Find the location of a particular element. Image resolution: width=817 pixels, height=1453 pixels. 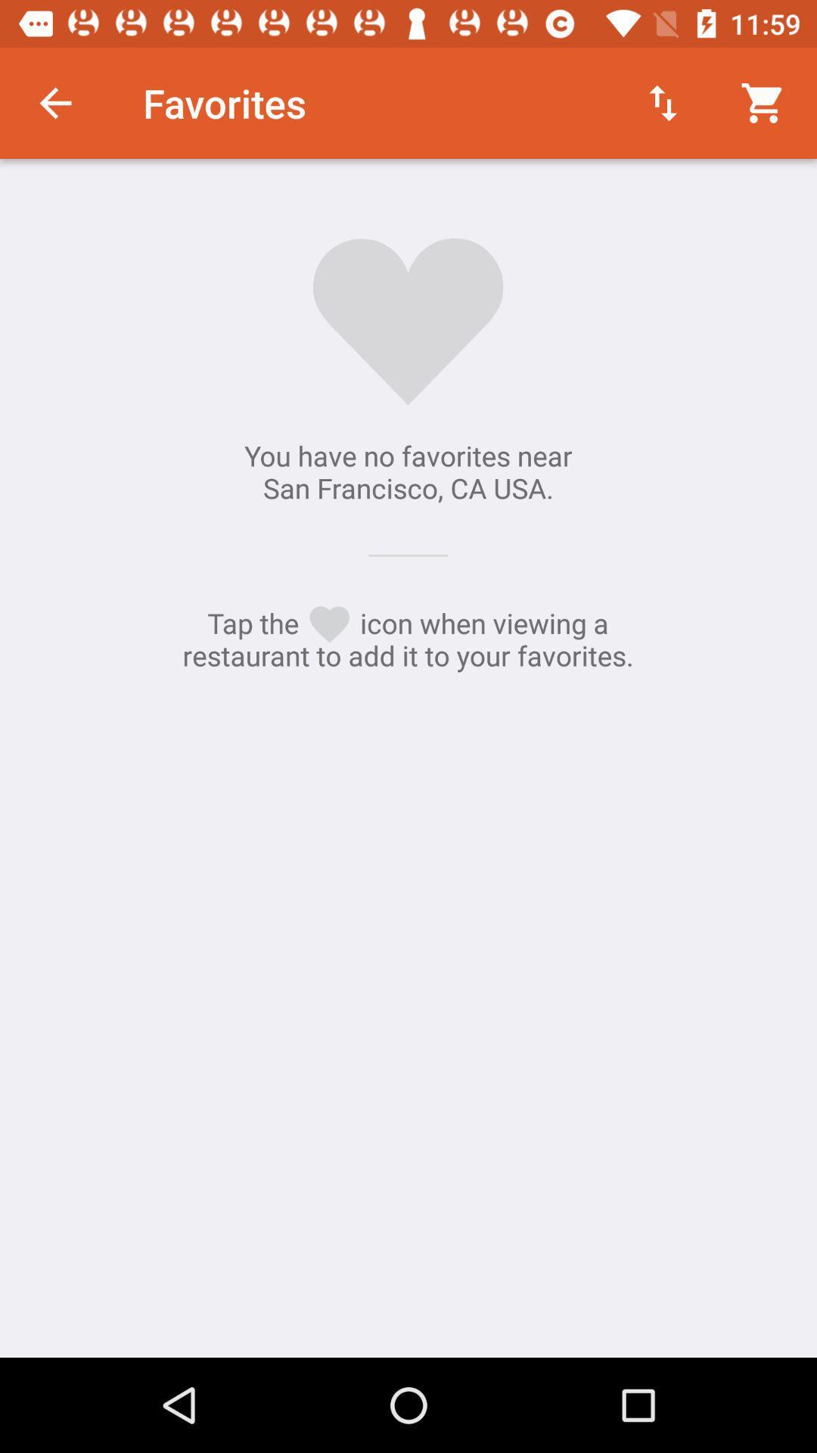

the item next to favorites item is located at coordinates (662, 102).